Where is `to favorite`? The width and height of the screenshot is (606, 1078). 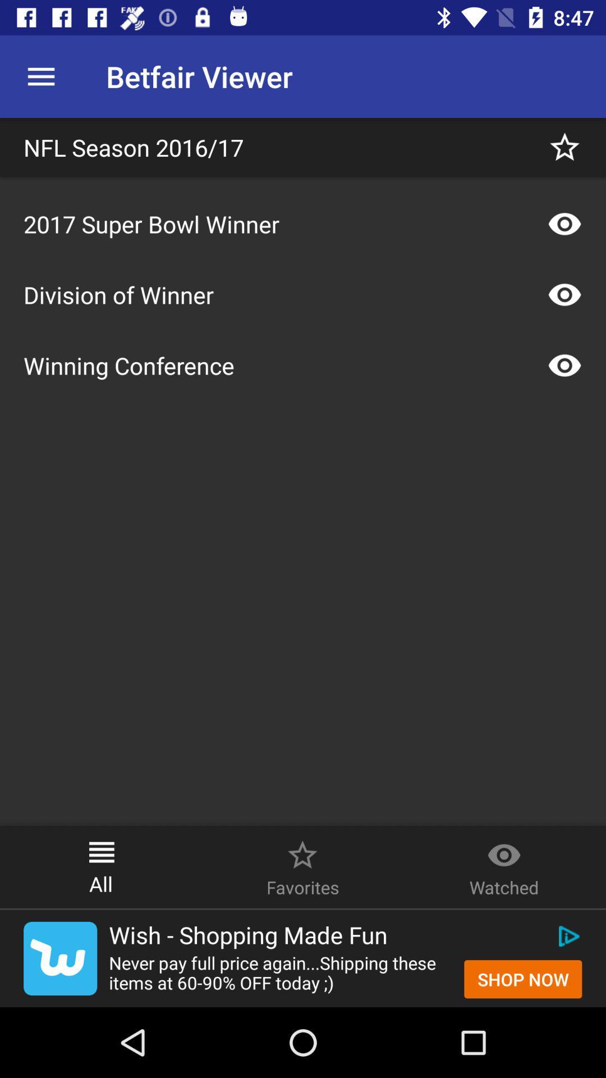 to favorite is located at coordinates (564, 147).